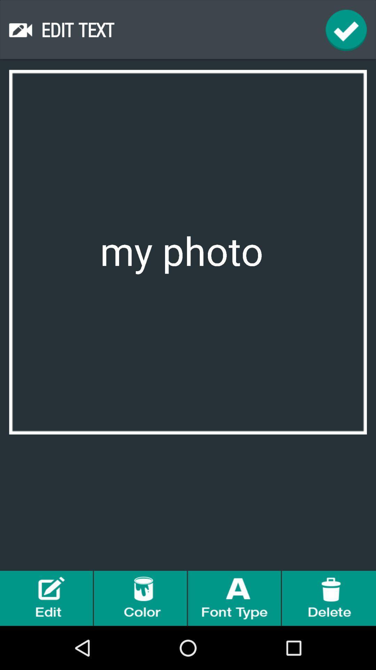 The width and height of the screenshot is (376, 670). I want to click on this is a edit button, so click(47, 598).